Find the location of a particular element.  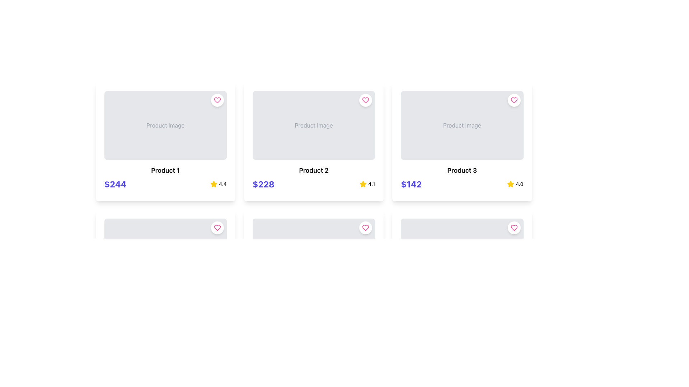

text of the monetary value label styled with large, bold indigo font that displays '$244', located at the lower left of the 'Product 1' card is located at coordinates (115, 183).